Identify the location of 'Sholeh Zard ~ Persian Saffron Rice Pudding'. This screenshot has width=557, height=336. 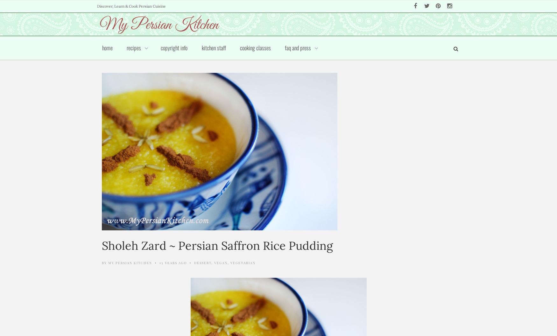
(102, 245).